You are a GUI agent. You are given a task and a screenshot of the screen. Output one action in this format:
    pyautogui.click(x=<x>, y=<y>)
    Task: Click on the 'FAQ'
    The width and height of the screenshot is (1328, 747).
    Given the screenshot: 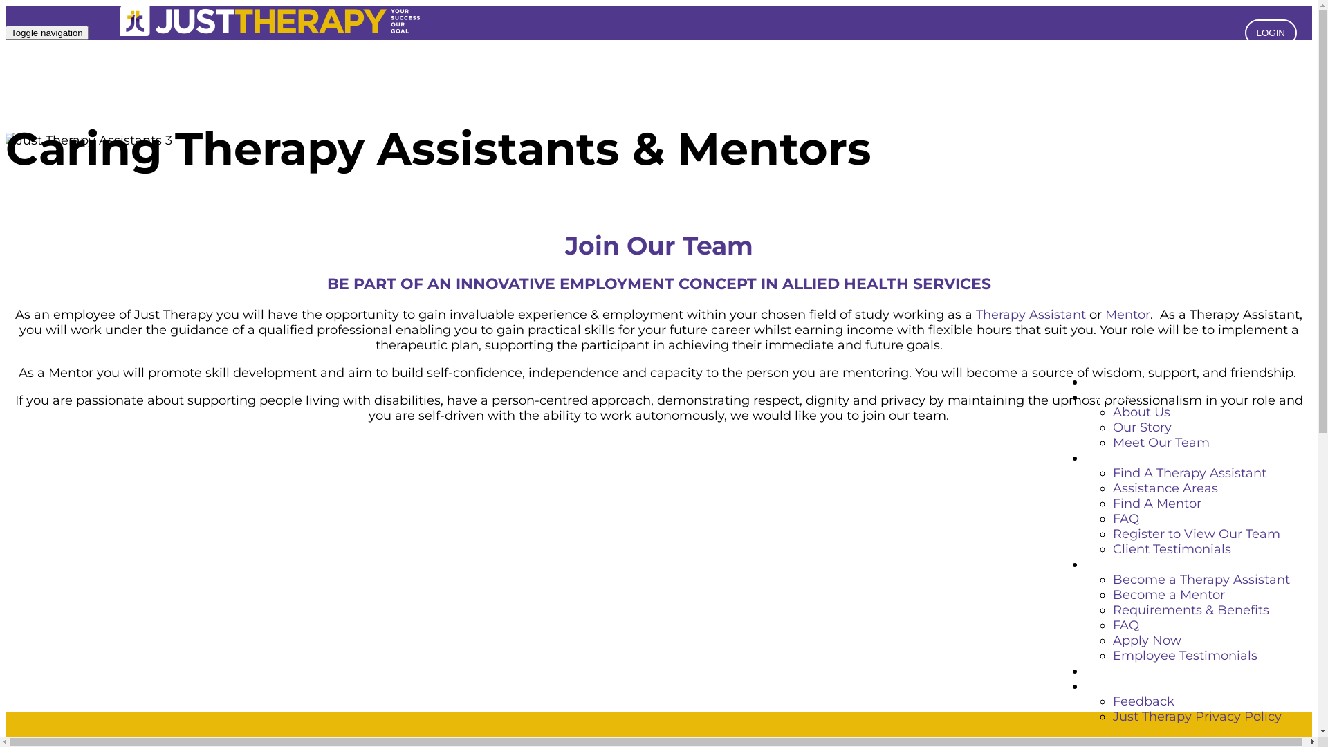 What is the action you would take?
    pyautogui.click(x=1112, y=518)
    